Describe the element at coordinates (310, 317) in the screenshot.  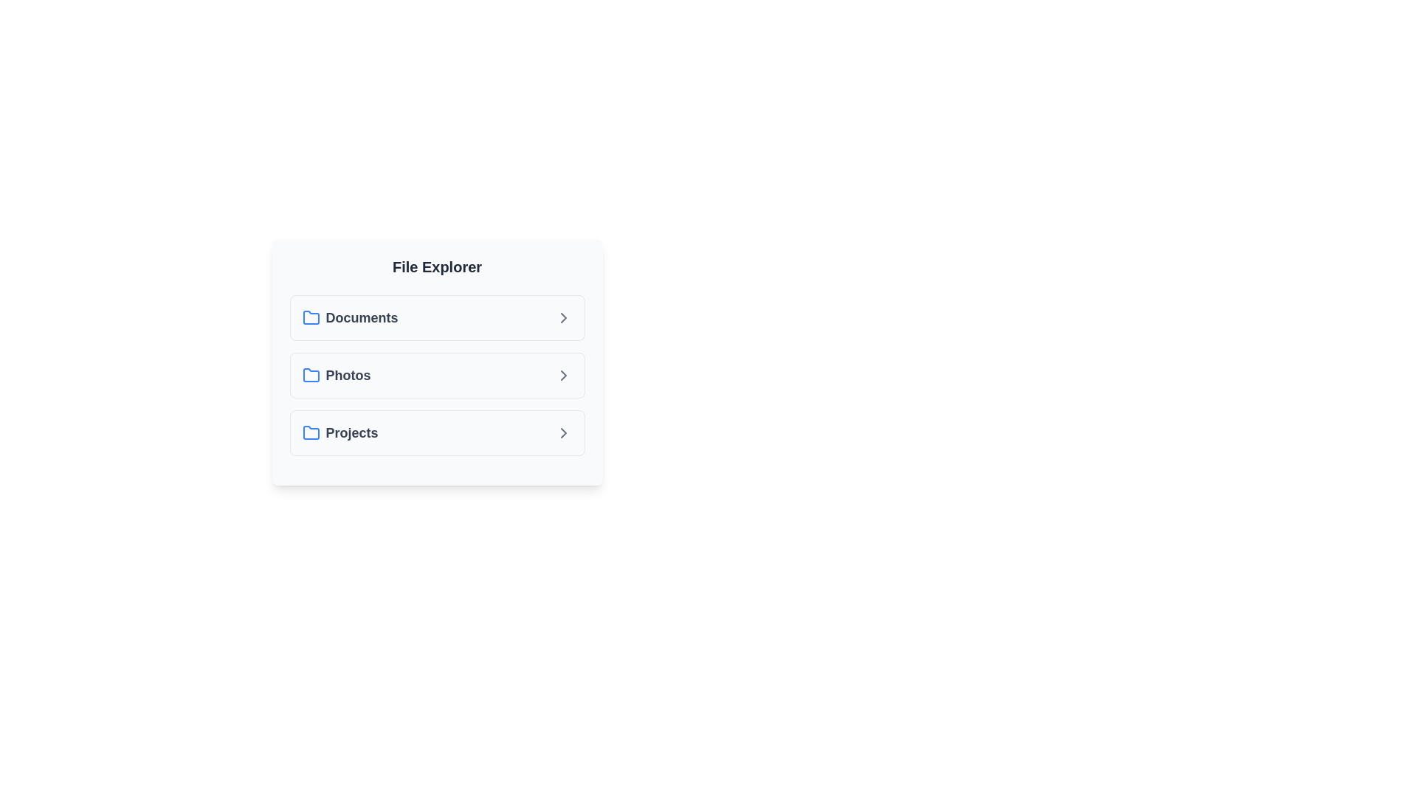
I see `the folder icon next to Documents` at that location.